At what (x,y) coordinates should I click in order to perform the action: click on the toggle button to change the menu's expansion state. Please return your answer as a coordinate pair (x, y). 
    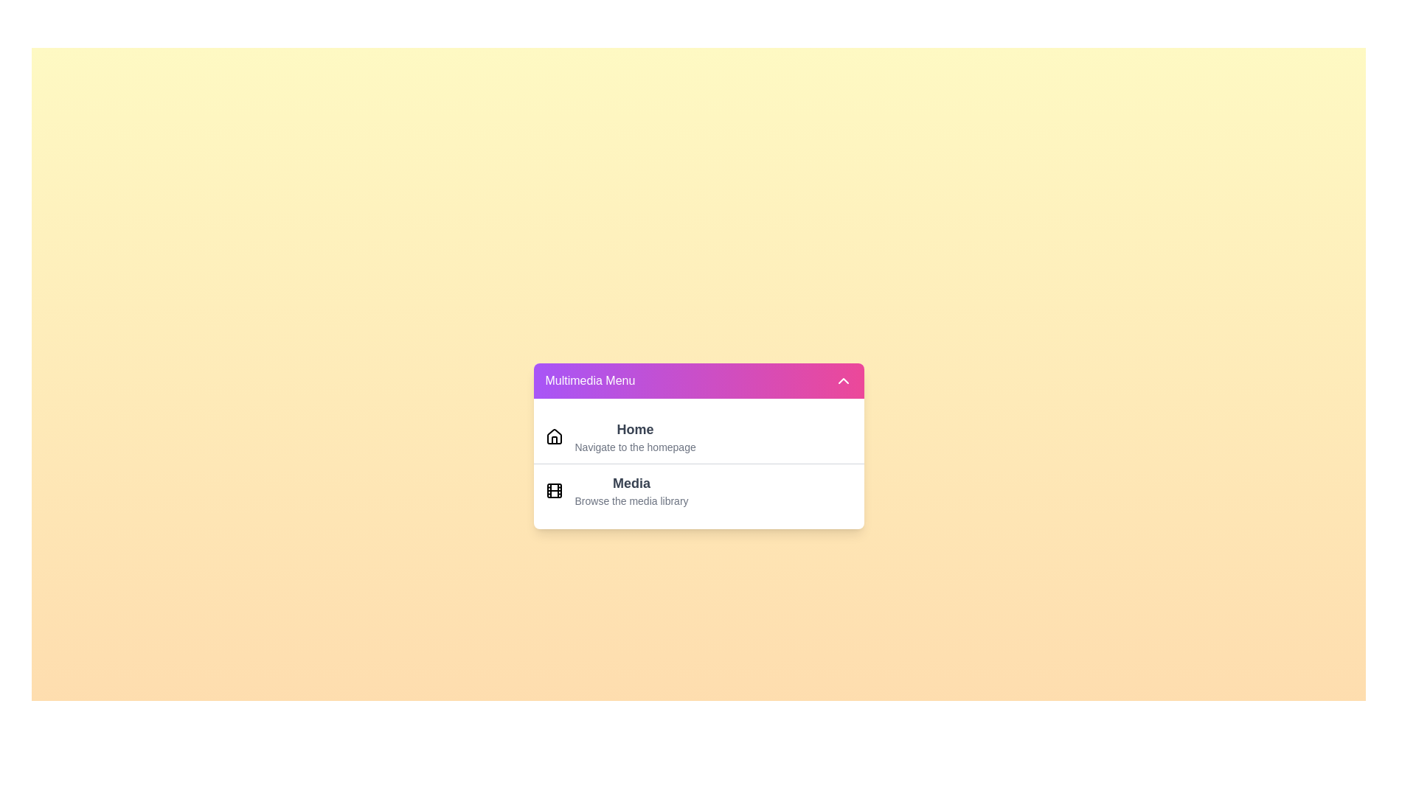
    Looking at the image, I should click on (698, 380).